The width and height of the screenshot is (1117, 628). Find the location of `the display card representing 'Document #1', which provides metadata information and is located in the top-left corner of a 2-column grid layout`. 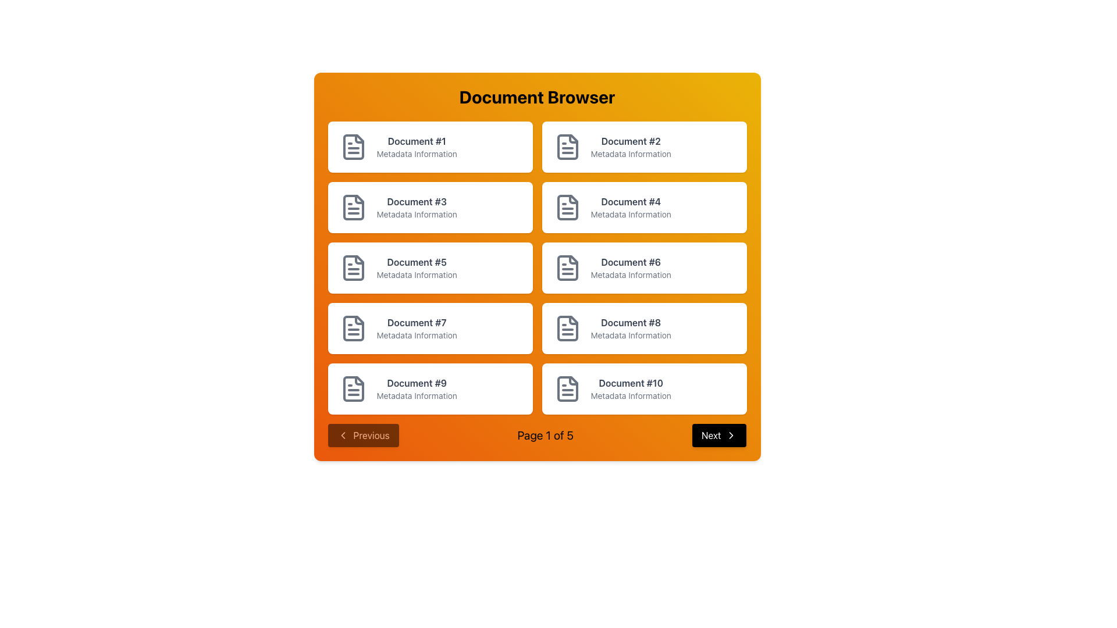

the display card representing 'Document #1', which provides metadata information and is located in the top-left corner of a 2-column grid layout is located at coordinates (429, 147).